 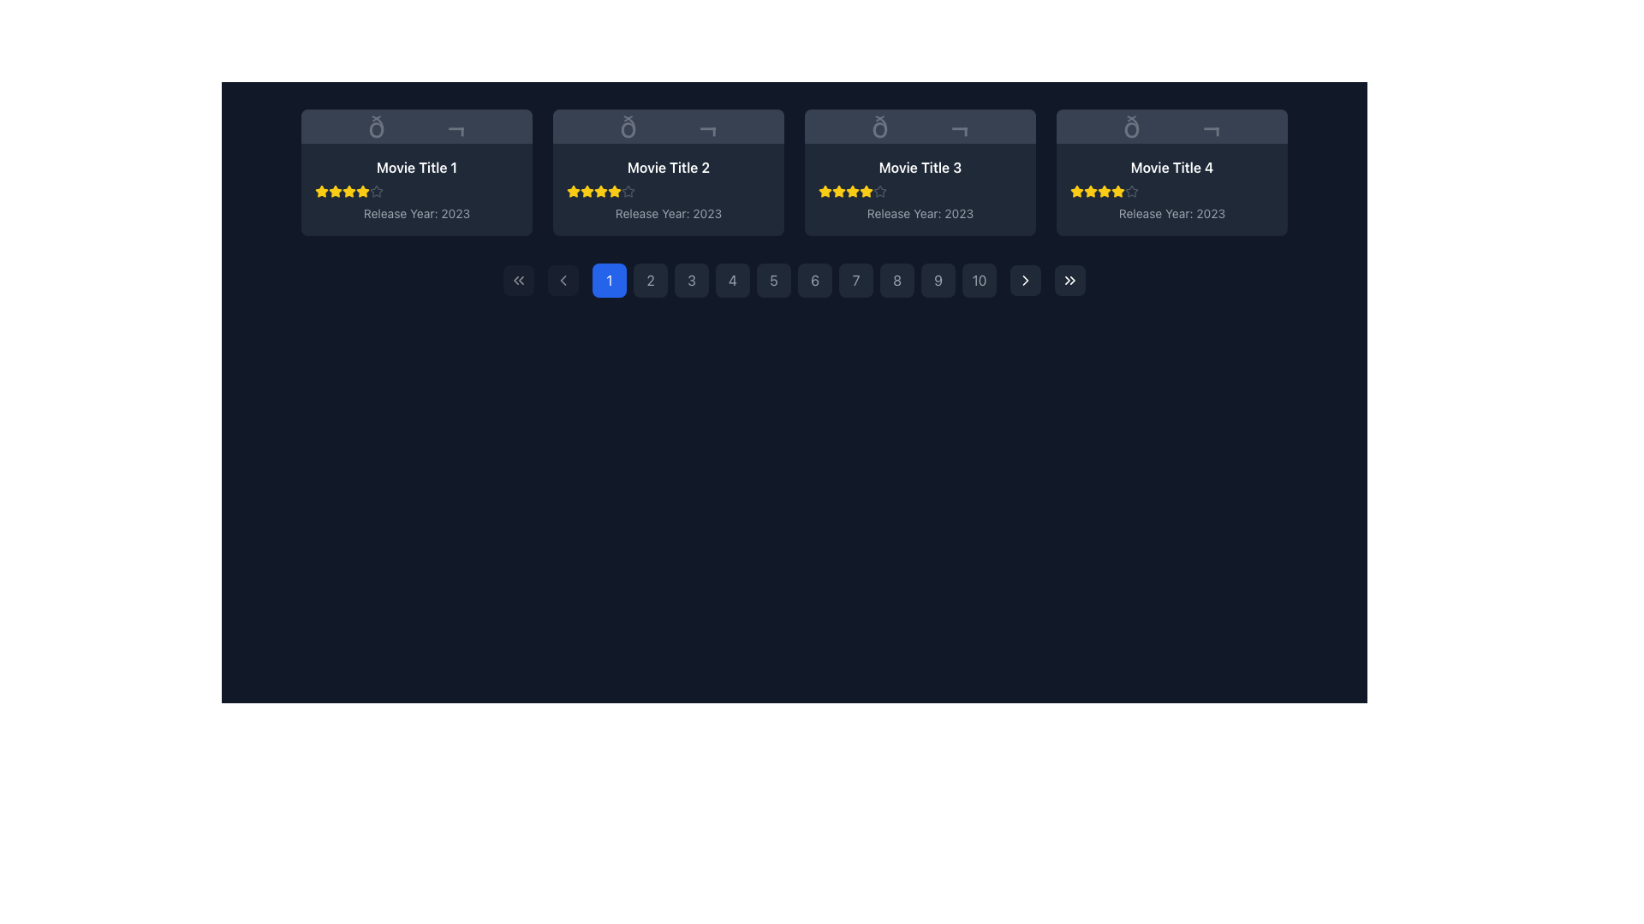 What do you see at coordinates (615, 191) in the screenshot?
I see `the third star in the rating section for 'Movie Title 2' to rate it` at bounding box center [615, 191].